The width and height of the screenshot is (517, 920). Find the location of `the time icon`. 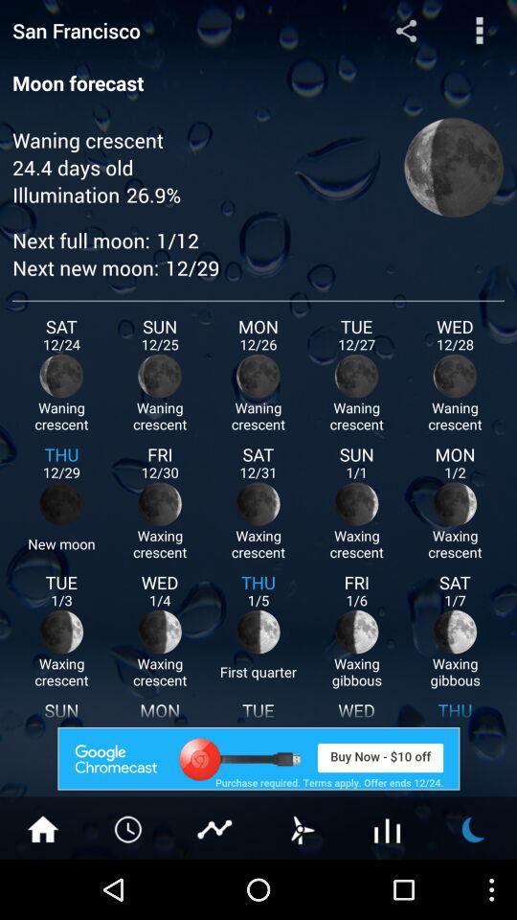

the time icon is located at coordinates (129, 886).